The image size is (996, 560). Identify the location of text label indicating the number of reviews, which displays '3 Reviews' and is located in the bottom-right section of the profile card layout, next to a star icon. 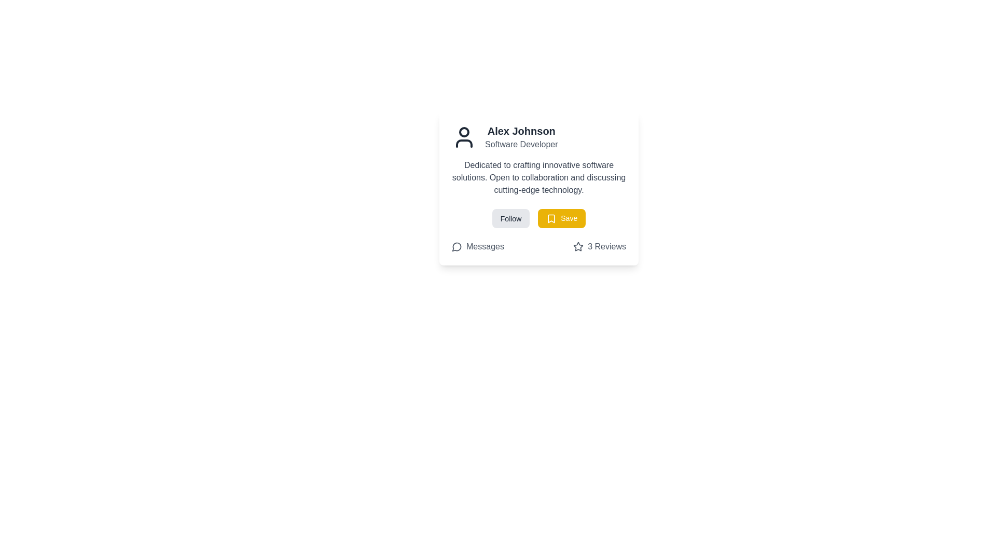
(607, 247).